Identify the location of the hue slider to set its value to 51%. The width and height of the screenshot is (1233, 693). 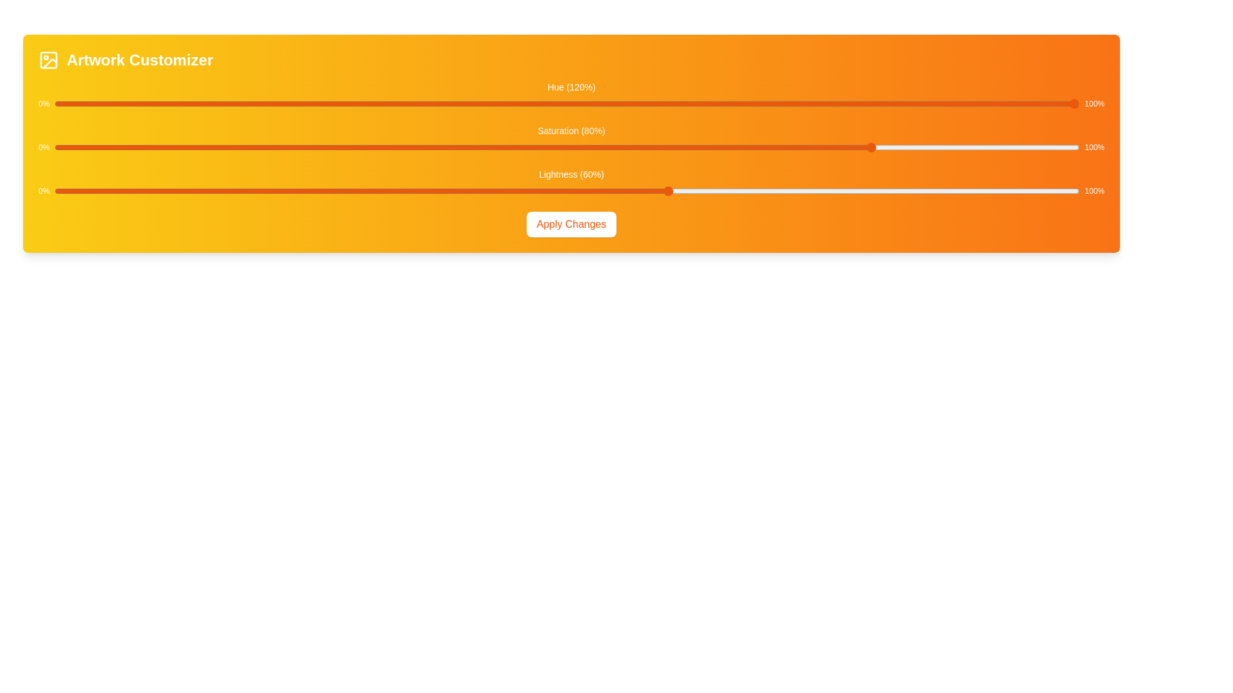
(577, 103).